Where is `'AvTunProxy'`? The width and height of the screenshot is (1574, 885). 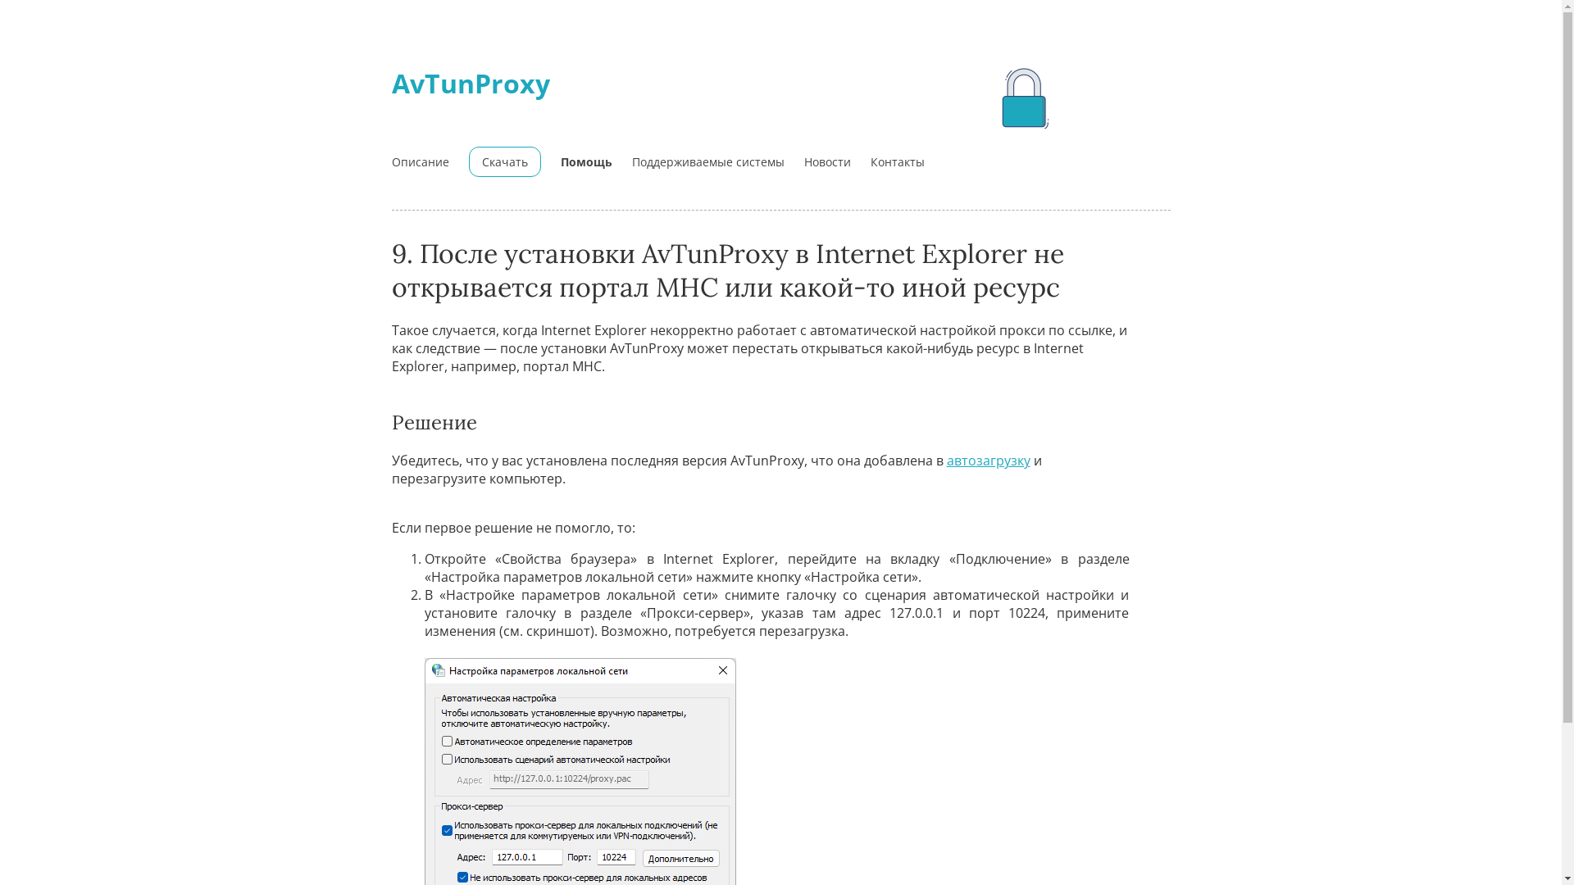 'AvTunProxy' is located at coordinates (470, 83).